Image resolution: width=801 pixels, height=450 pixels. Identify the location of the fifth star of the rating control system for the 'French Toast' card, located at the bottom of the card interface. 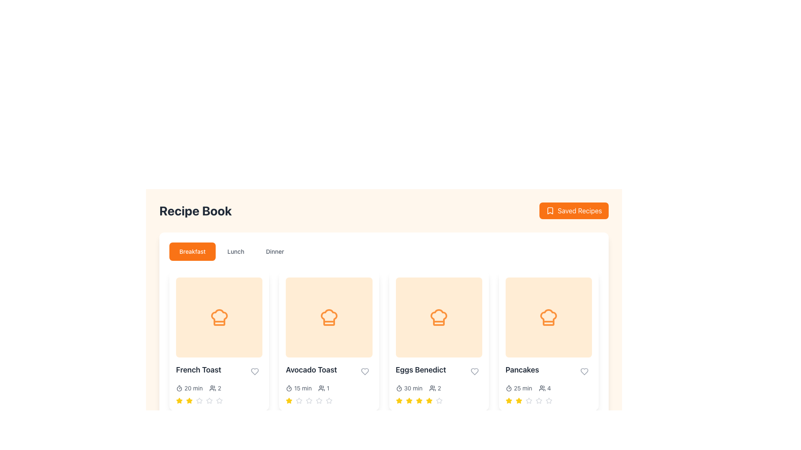
(219, 400).